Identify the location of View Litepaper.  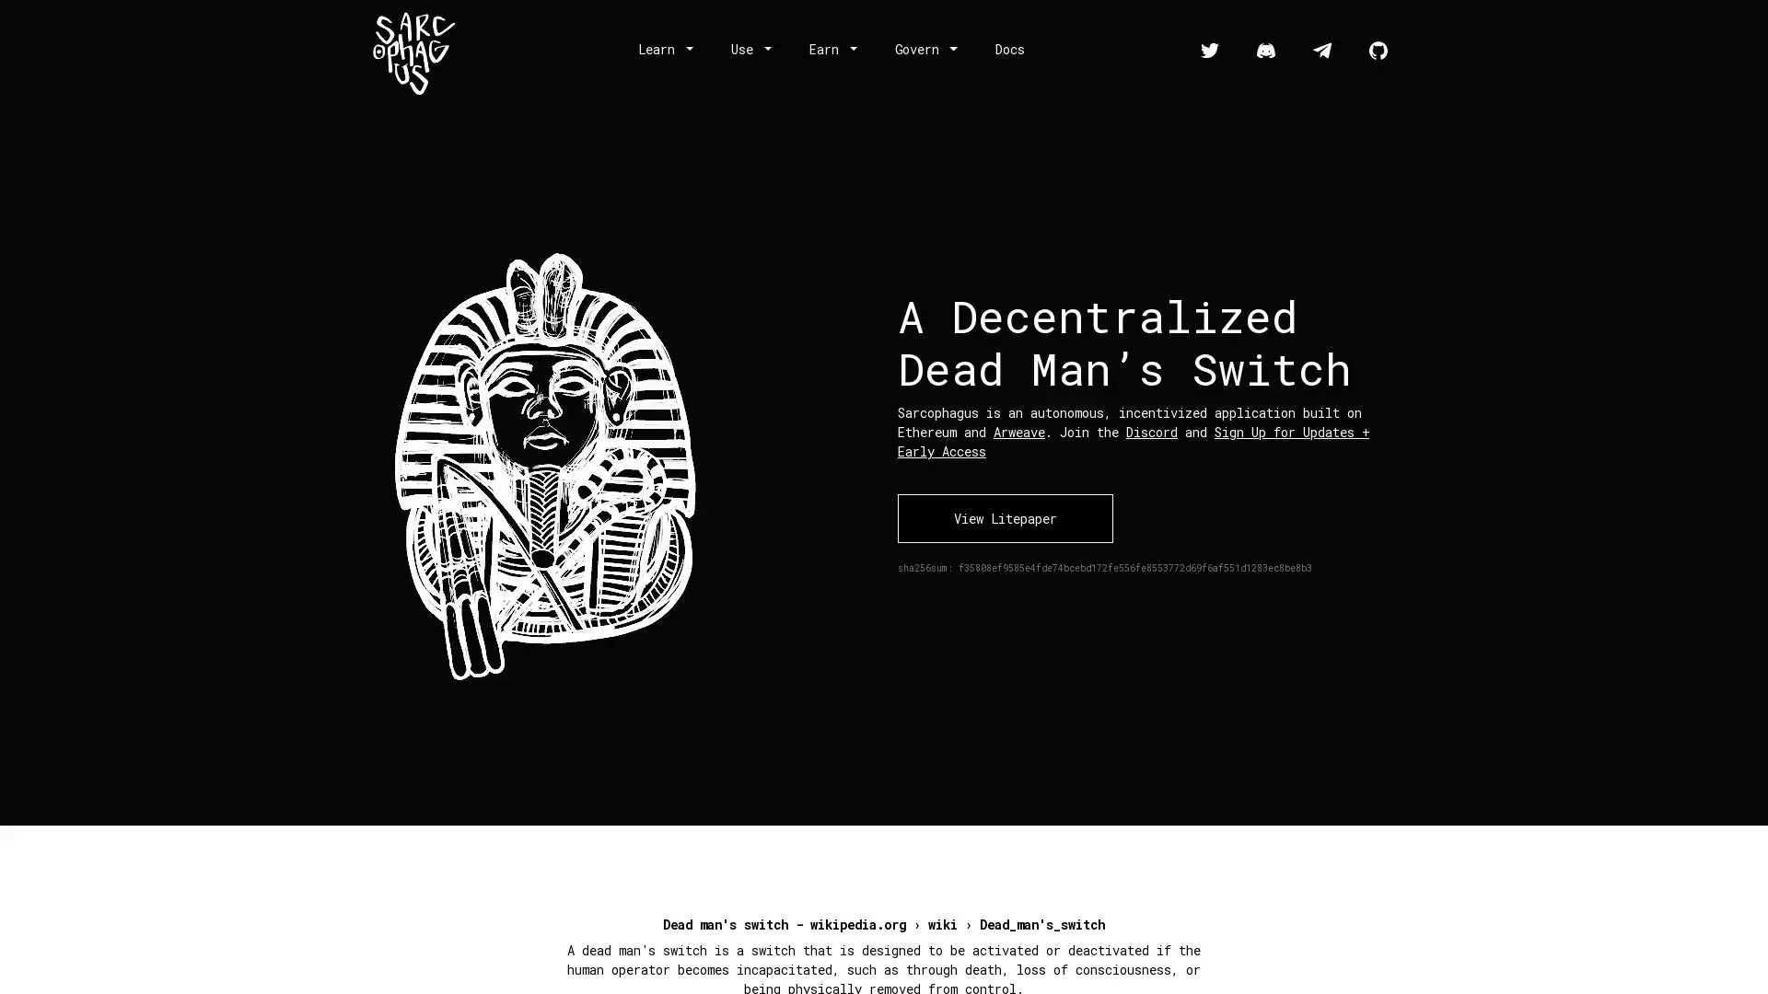
(1004, 517).